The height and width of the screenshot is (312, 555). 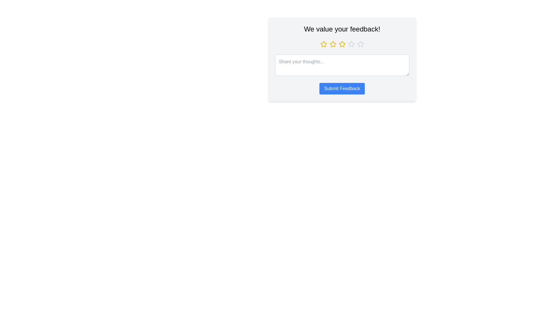 What do you see at coordinates (360, 44) in the screenshot?
I see `the fifth star-shaped interactive icon in the rating system` at bounding box center [360, 44].